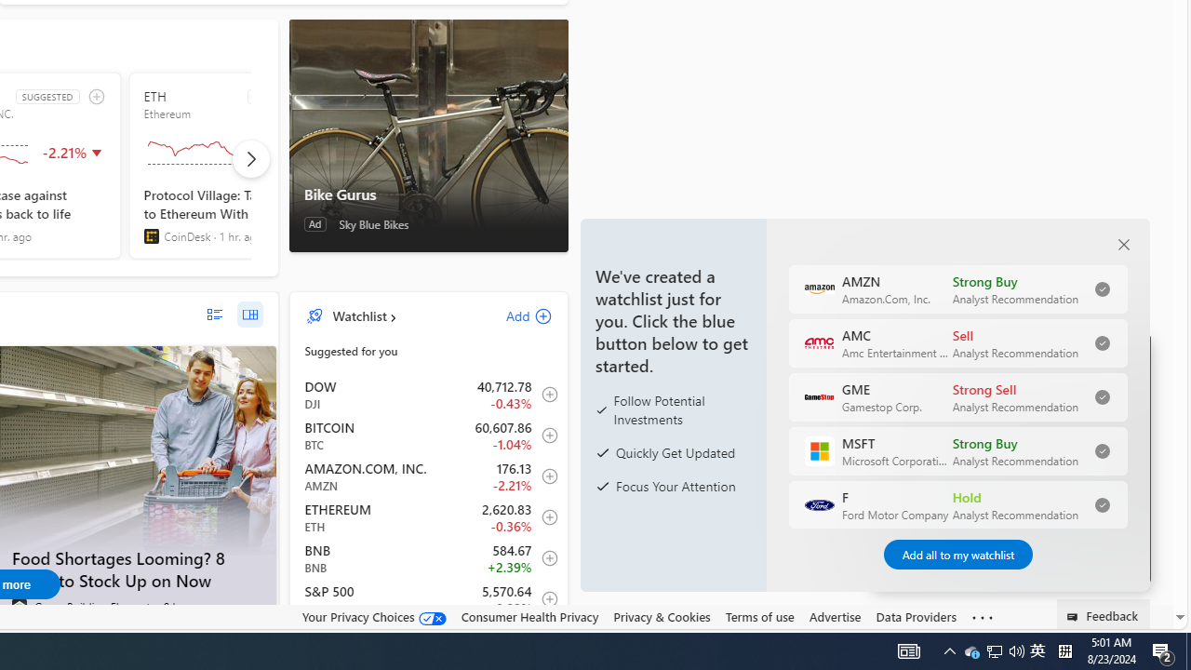 The height and width of the screenshot is (670, 1191). Describe the element at coordinates (1076, 617) in the screenshot. I see `'Class: feedback_link_icon-DS-EntryPoint1-1'` at that location.